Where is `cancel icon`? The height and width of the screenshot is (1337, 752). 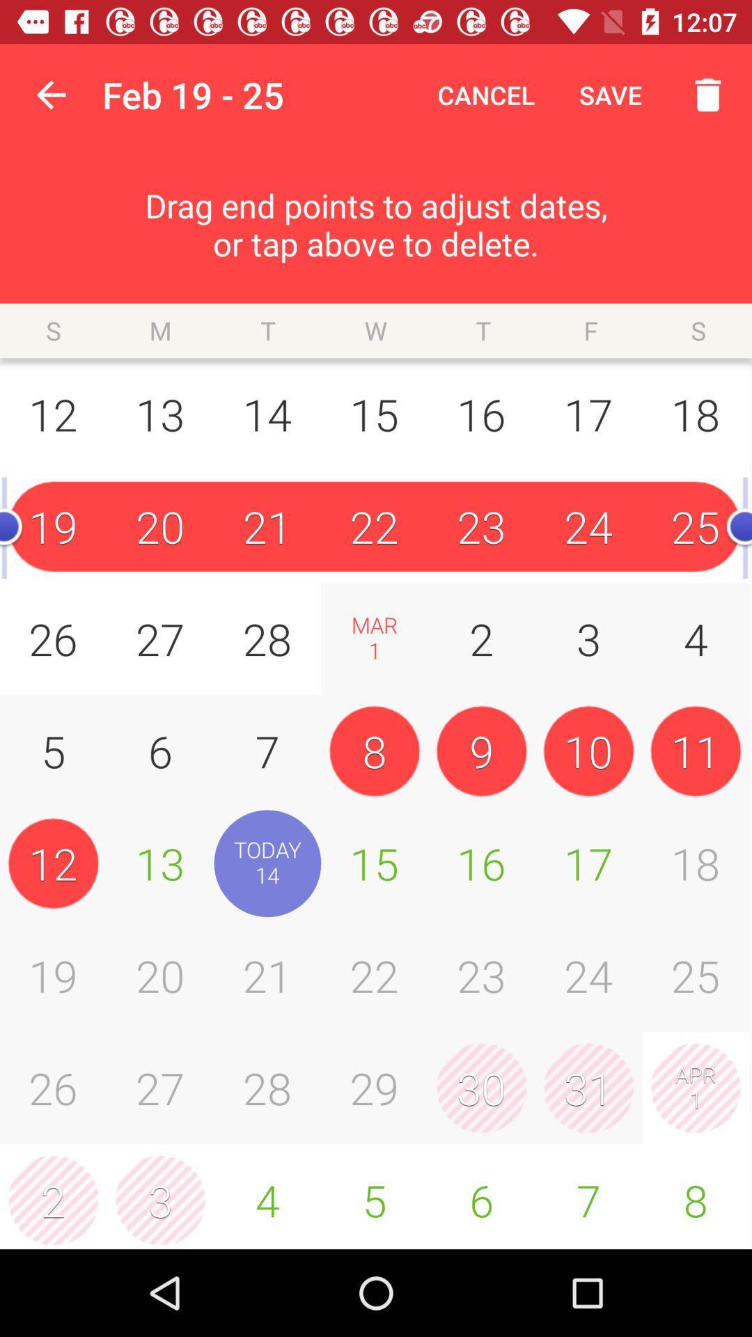
cancel icon is located at coordinates (485, 94).